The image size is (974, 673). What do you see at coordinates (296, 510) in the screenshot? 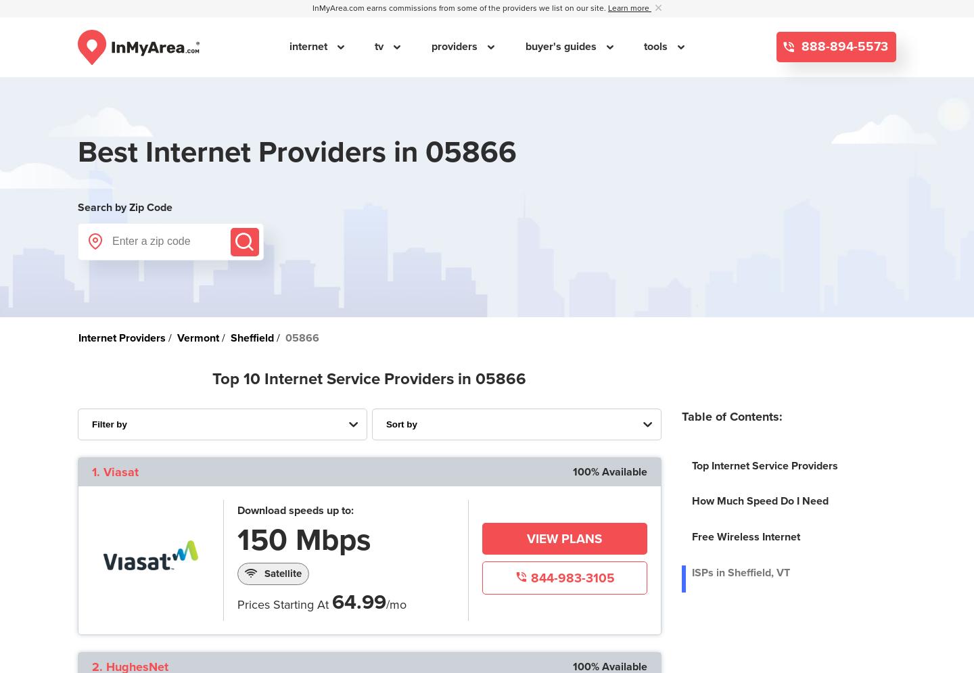
I see `'Download speeds up to:'` at bounding box center [296, 510].